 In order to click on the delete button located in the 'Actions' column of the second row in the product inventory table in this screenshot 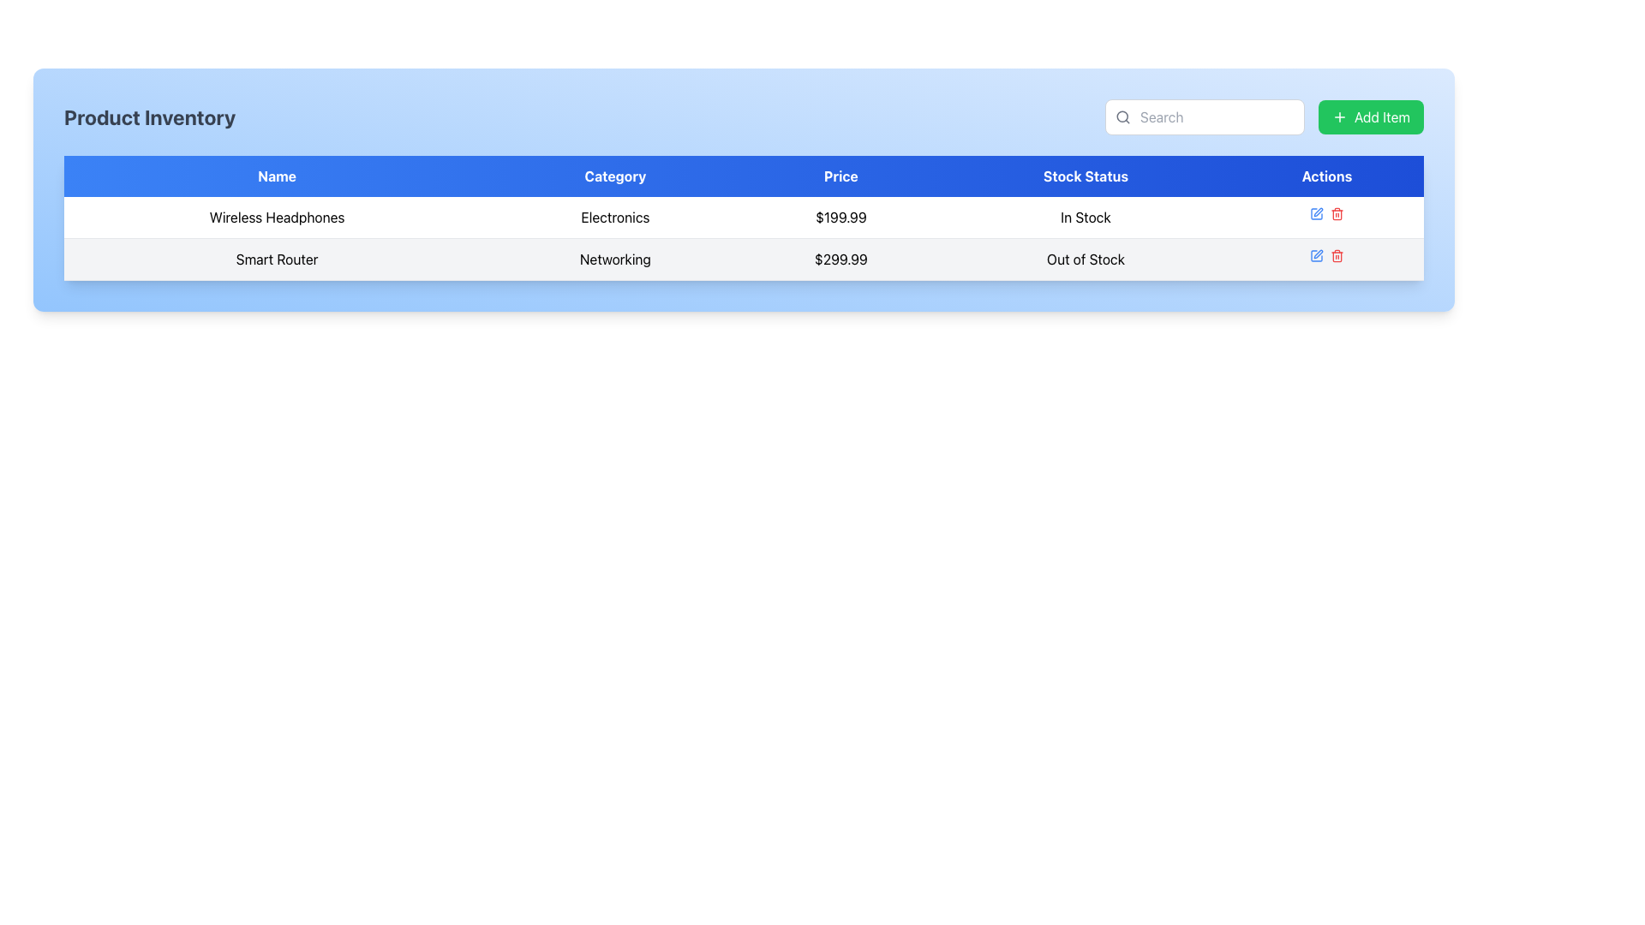, I will do `click(1336, 256)`.